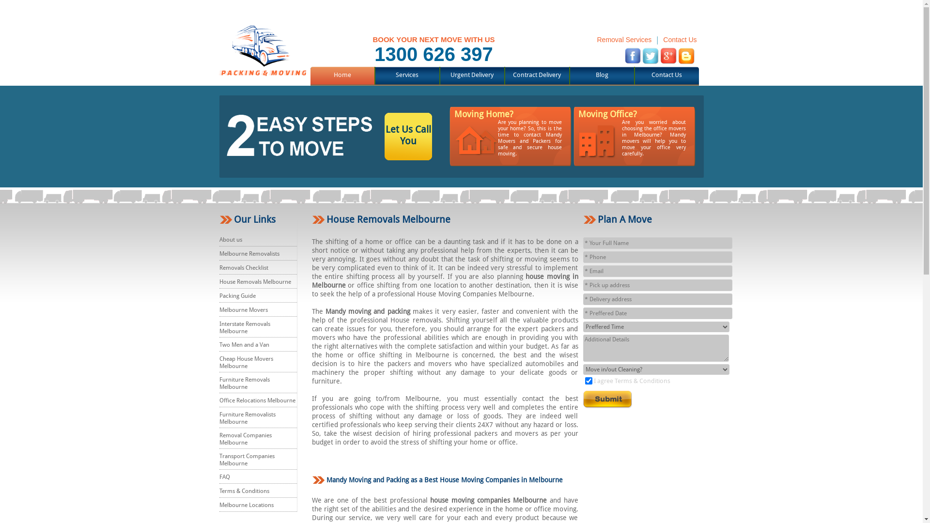 The height and width of the screenshot is (523, 930). What do you see at coordinates (218, 459) in the screenshot?
I see `'Transport Companies Melbourne'` at bounding box center [218, 459].